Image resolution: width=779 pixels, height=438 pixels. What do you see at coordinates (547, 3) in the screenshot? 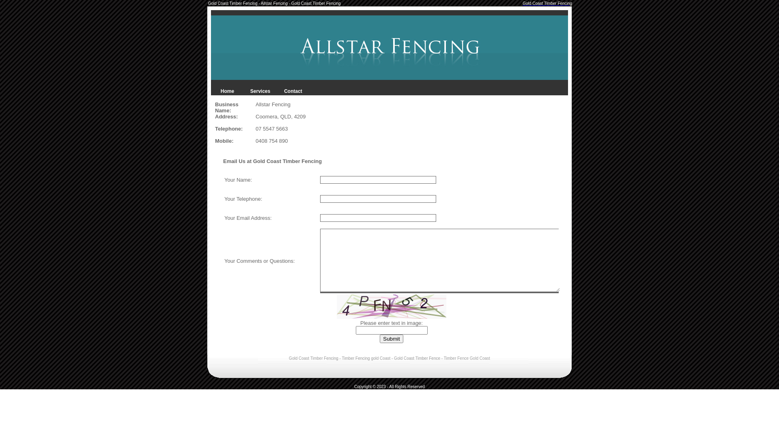
I see `'Gold Coast Timber Fencing'` at bounding box center [547, 3].